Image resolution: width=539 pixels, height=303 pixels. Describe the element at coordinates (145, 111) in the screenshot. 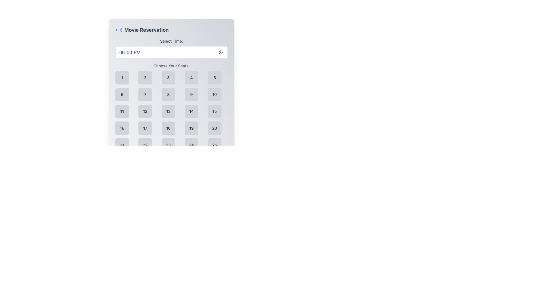

I see `the selectable button` at that location.